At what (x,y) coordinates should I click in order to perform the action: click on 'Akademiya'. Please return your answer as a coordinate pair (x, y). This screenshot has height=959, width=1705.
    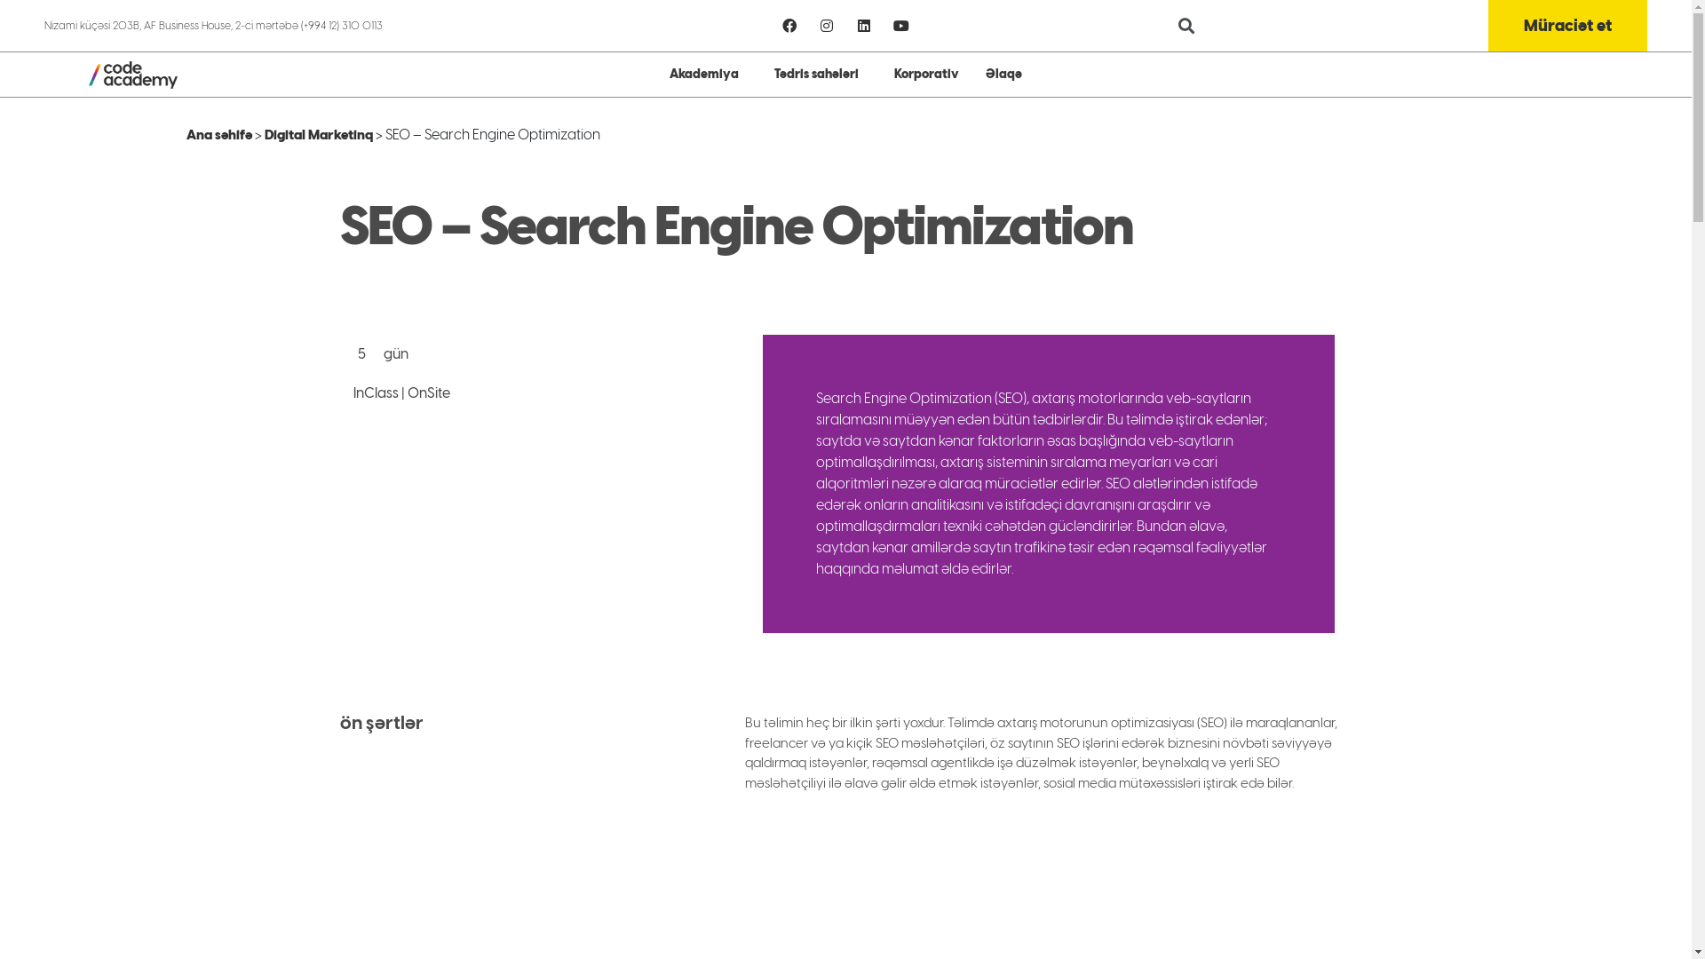
    Looking at the image, I should click on (707, 74).